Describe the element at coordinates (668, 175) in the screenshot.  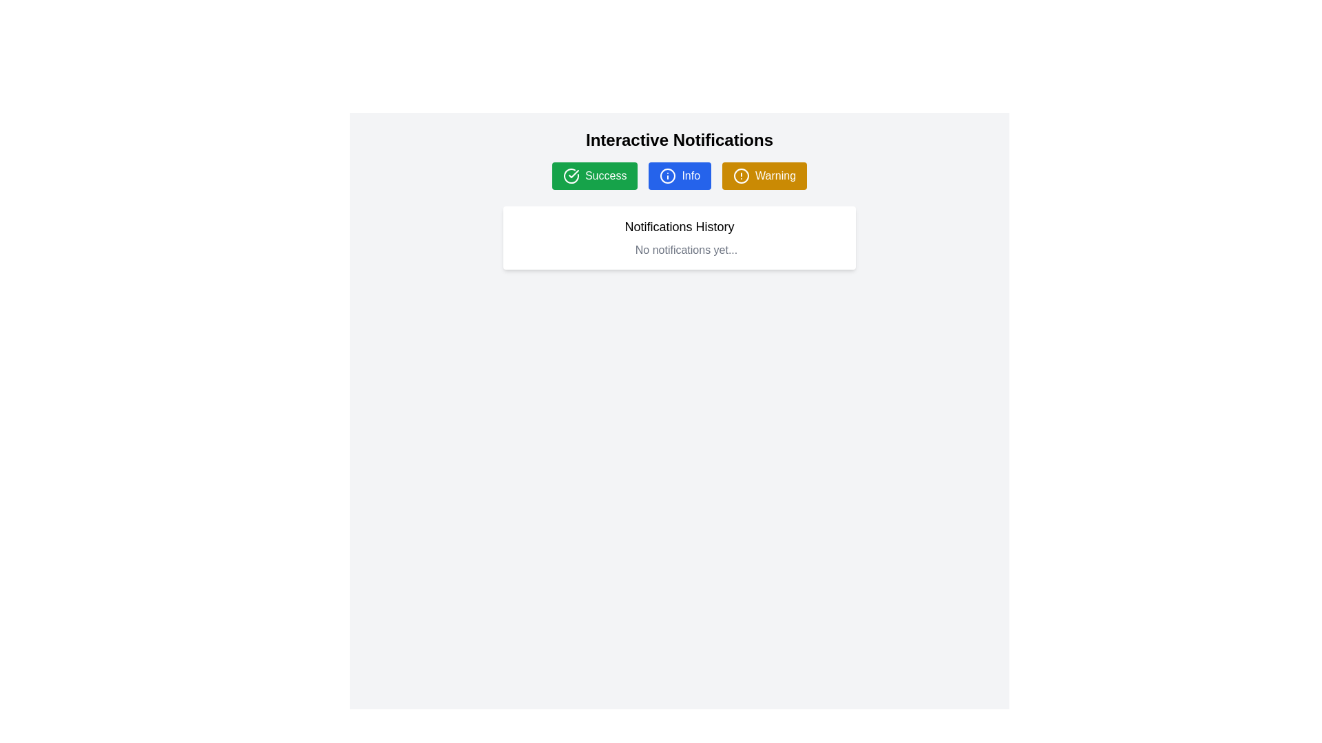
I see `the circular decorative component that serves as the background for the 'Info' button, located between the green 'Success' button and the orange 'Warning' button` at that location.